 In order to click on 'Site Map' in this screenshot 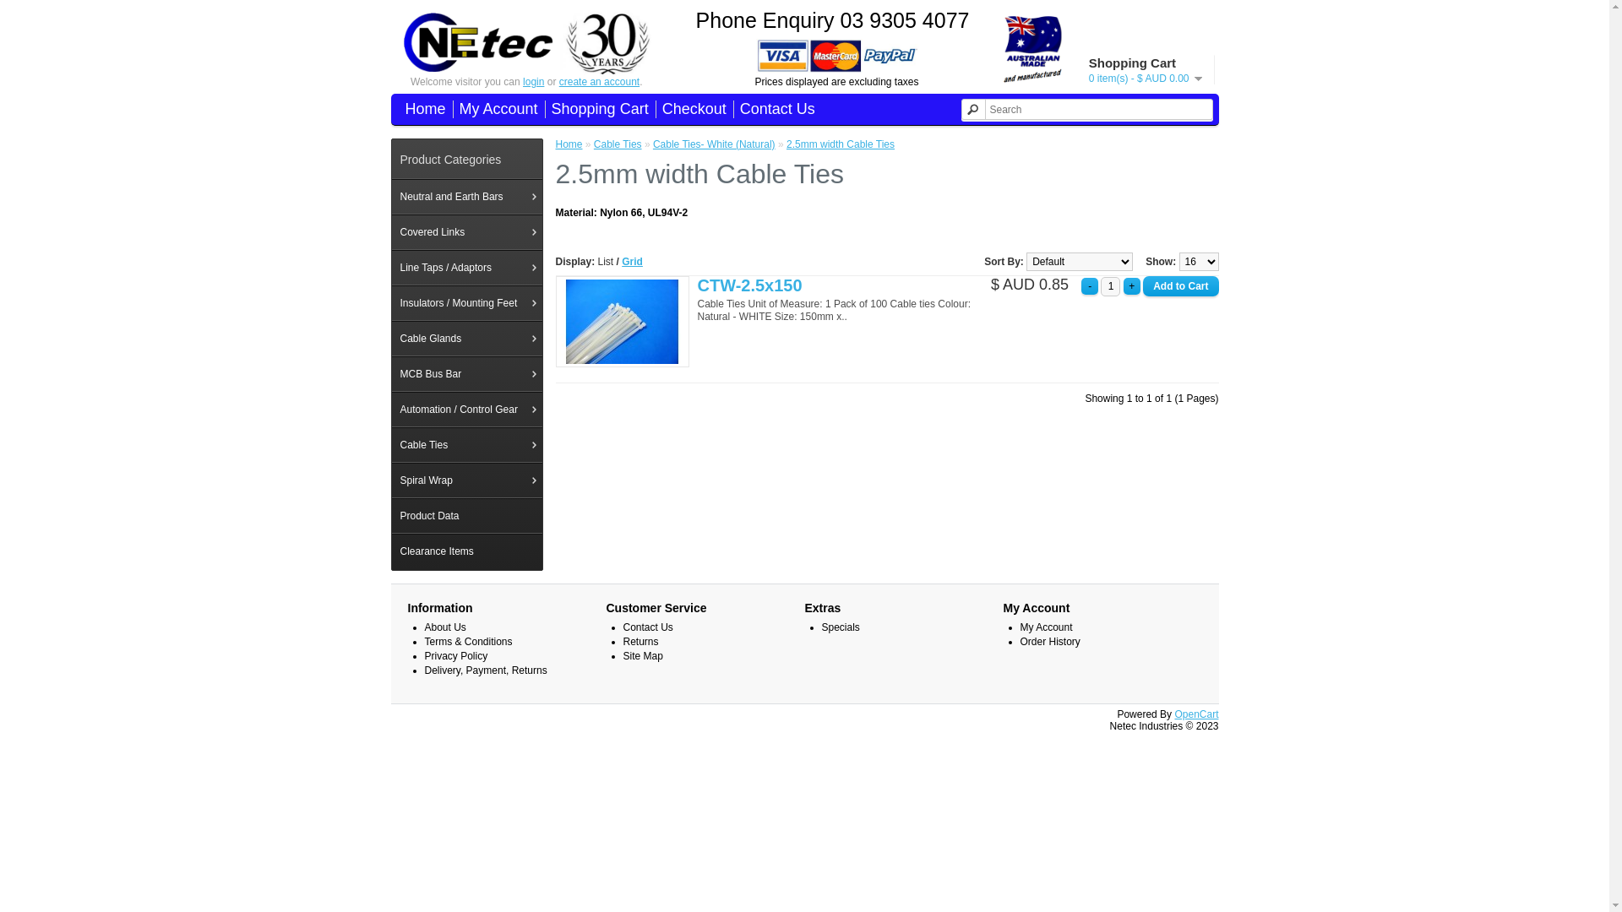, I will do `click(623, 654)`.